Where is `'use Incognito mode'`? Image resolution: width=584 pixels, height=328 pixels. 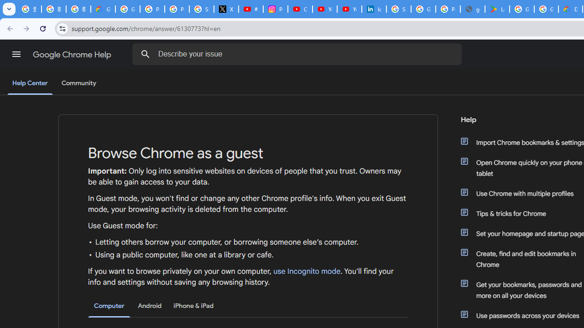
'use Incognito mode' is located at coordinates (307, 271).